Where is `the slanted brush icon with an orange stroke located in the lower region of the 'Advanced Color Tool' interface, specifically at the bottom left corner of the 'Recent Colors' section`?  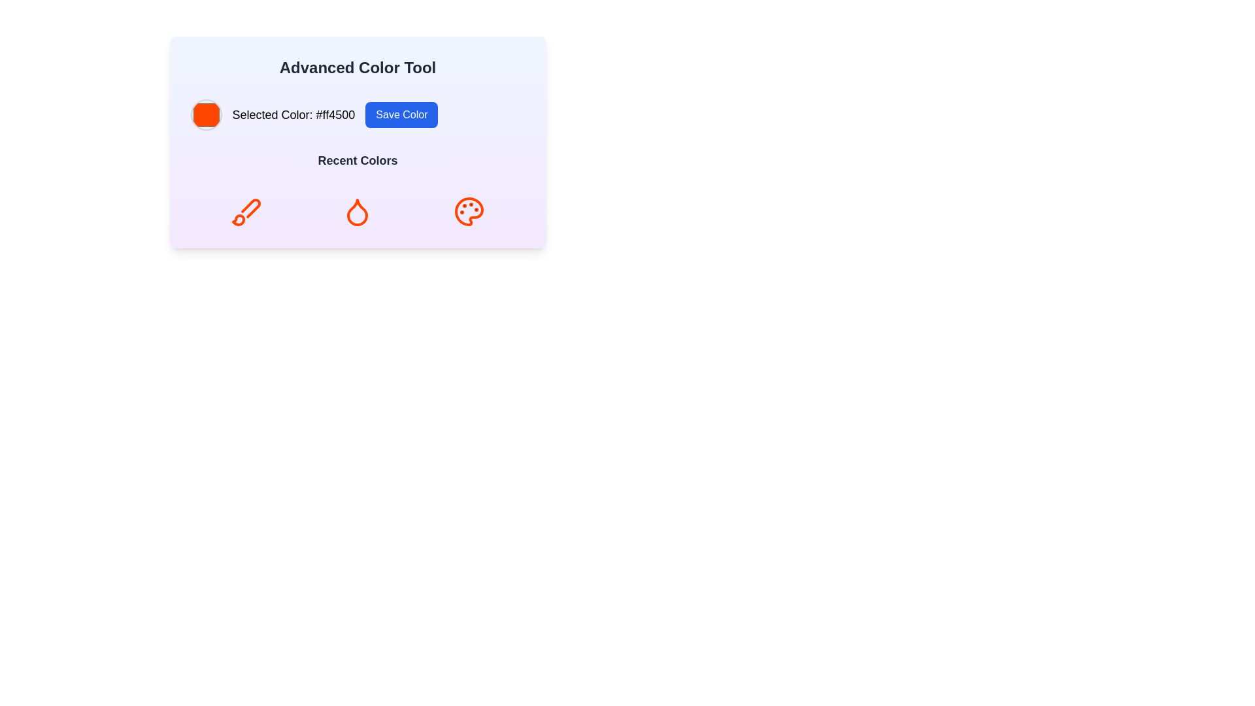 the slanted brush icon with an orange stroke located in the lower region of the 'Advanced Color Tool' interface, specifically at the bottom left corner of the 'Recent Colors' section is located at coordinates (251, 207).